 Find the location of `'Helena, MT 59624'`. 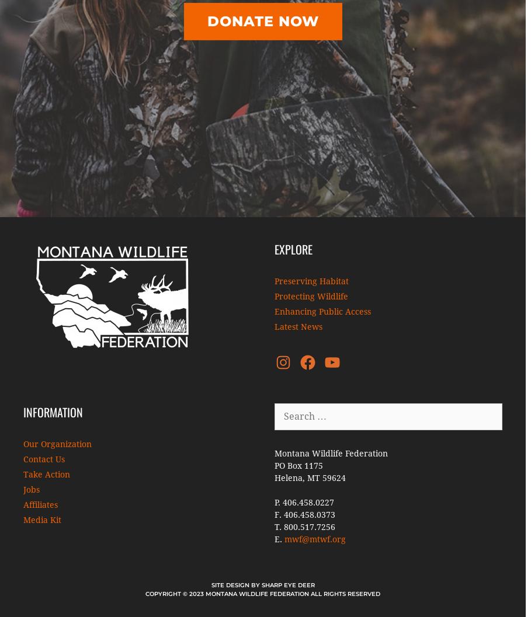

'Helena, MT 59624' is located at coordinates (310, 477).